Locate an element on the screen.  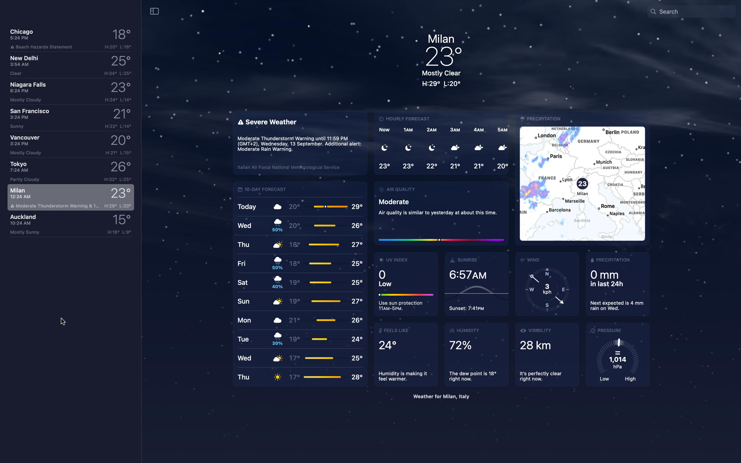
Search Temperature for "Paris France is located at coordinates (696, 11).